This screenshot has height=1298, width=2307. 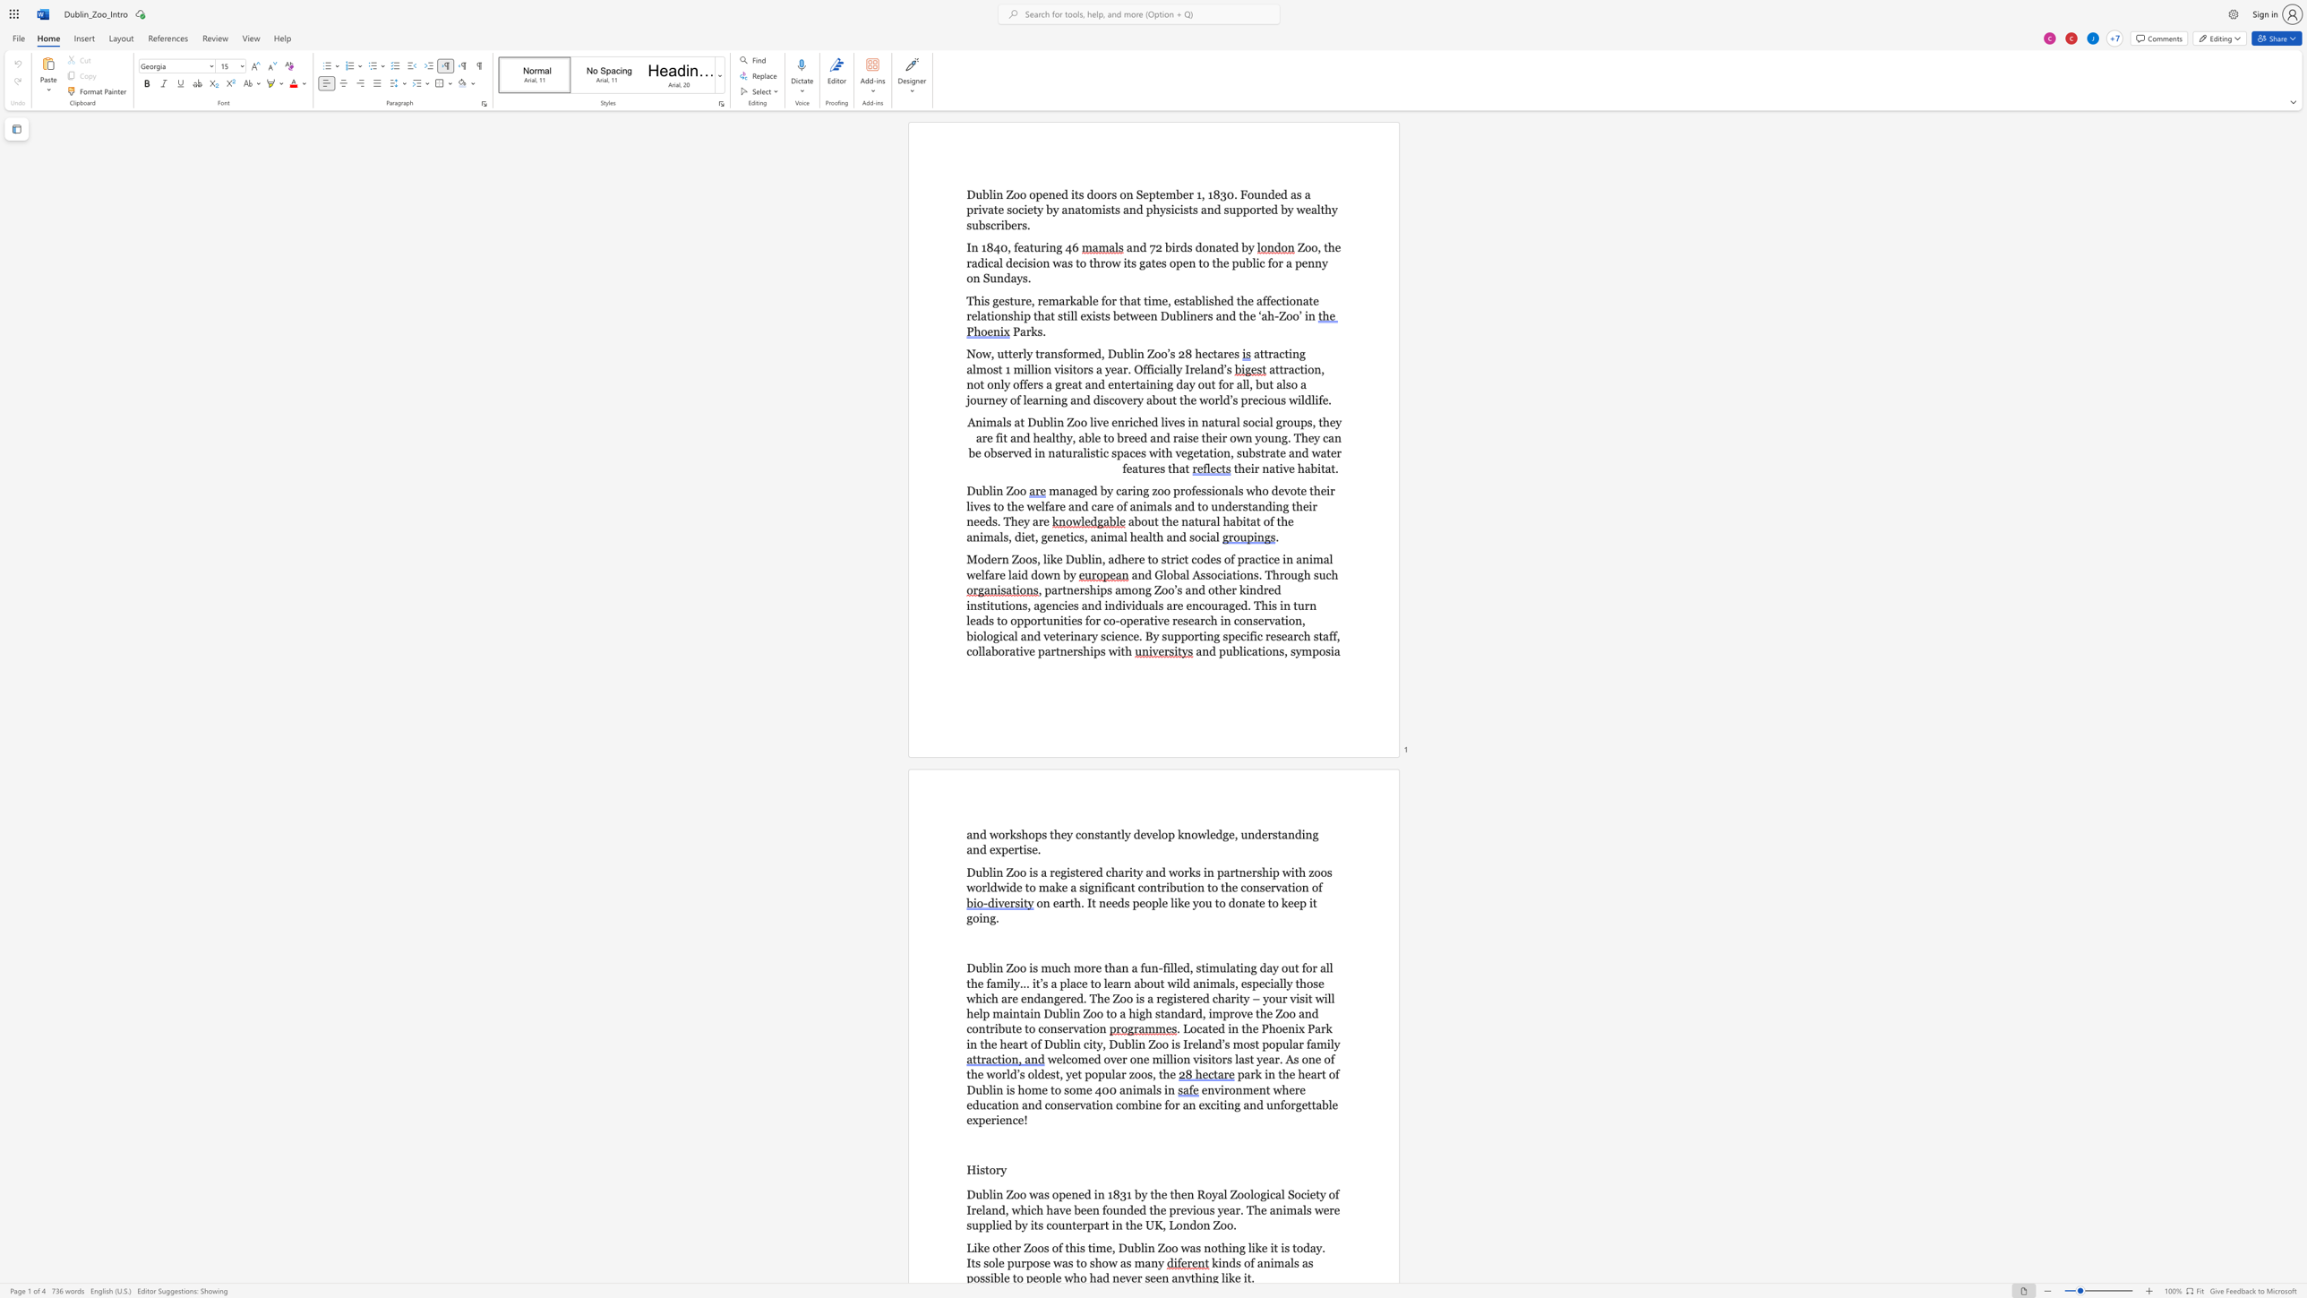 What do you see at coordinates (1105, 887) in the screenshot?
I see `the space between the continuous character "i" and "f" in the text` at bounding box center [1105, 887].